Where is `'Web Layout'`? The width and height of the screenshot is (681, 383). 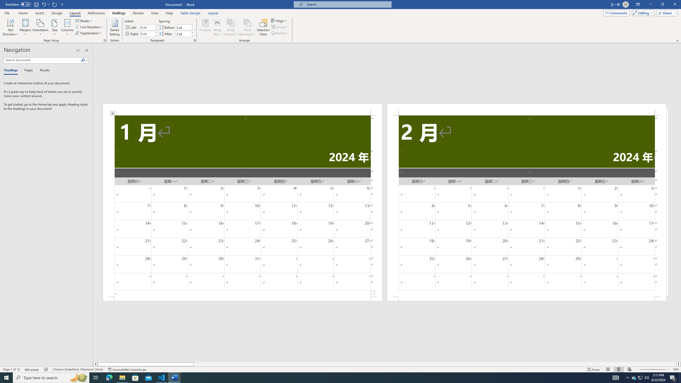 'Web Layout' is located at coordinates (629, 369).